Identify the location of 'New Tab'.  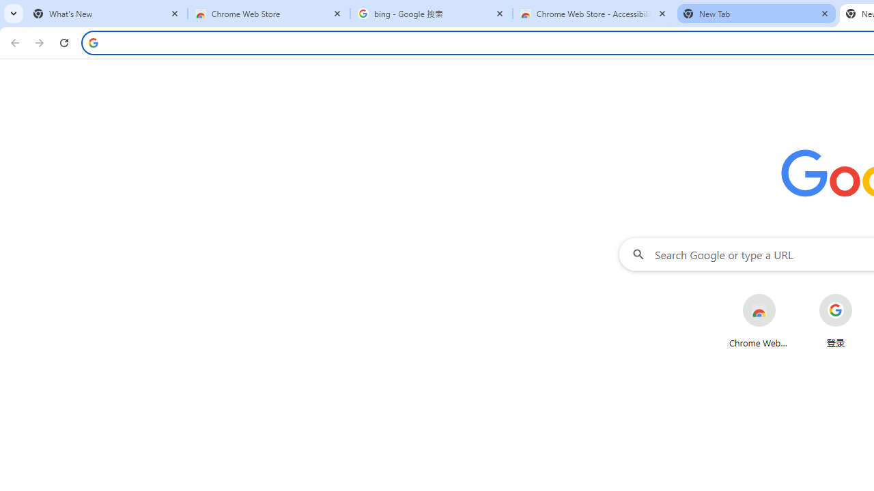
(756, 14).